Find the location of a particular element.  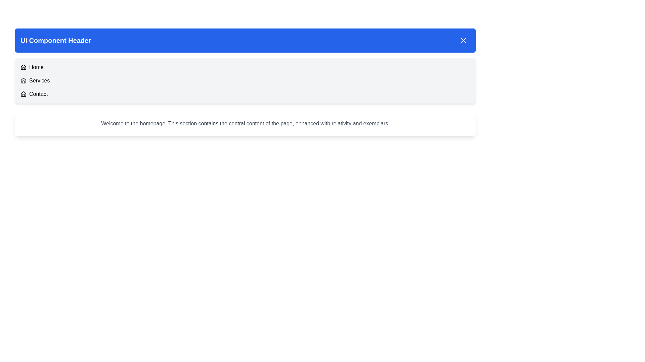

the house icon that represents the 'Contact' navigation option in the vertical navigation list is located at coordinates (24, 94).